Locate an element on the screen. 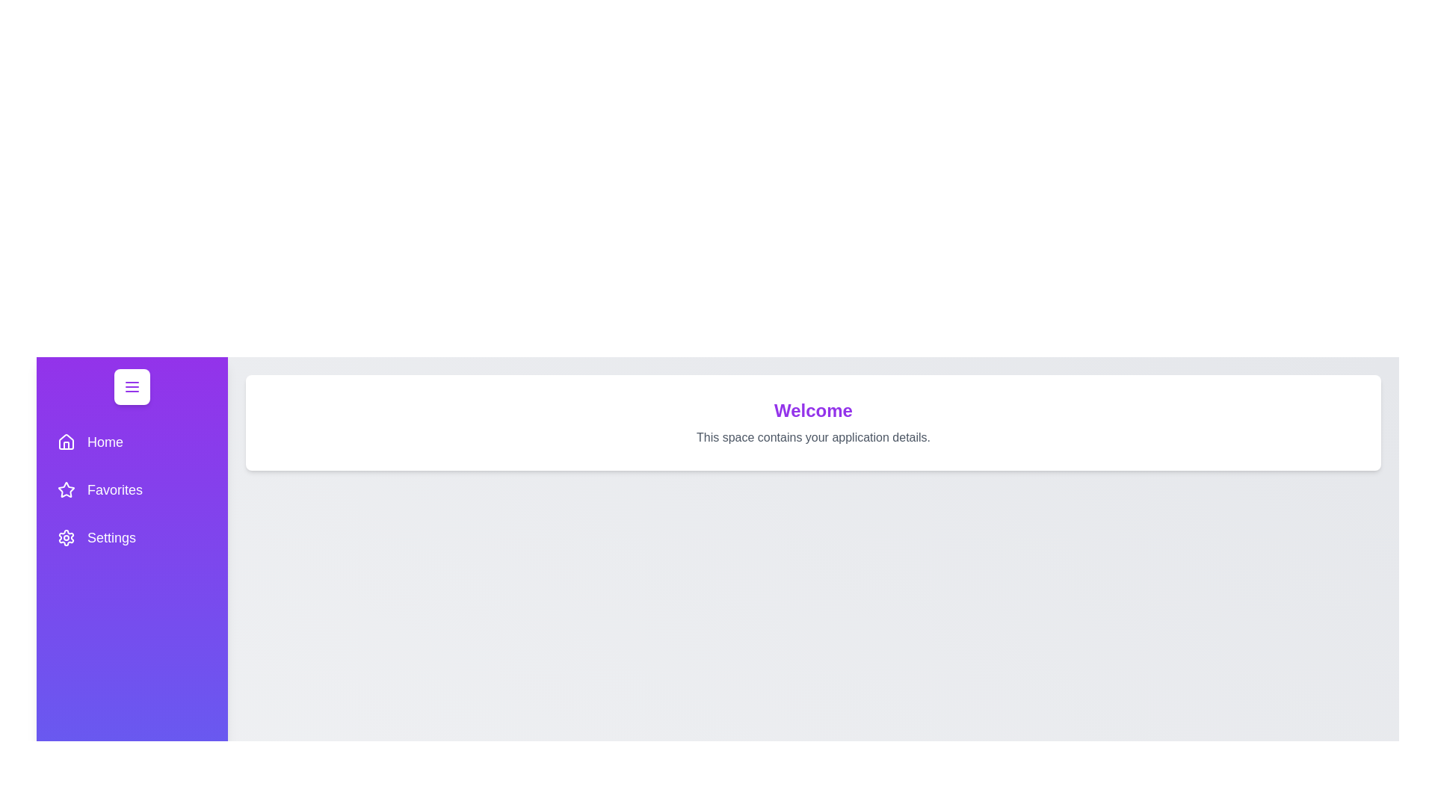 This screenshot has width=1435, height=807. the navigation item Settings in the drawer is located at coordinates (132, 538).